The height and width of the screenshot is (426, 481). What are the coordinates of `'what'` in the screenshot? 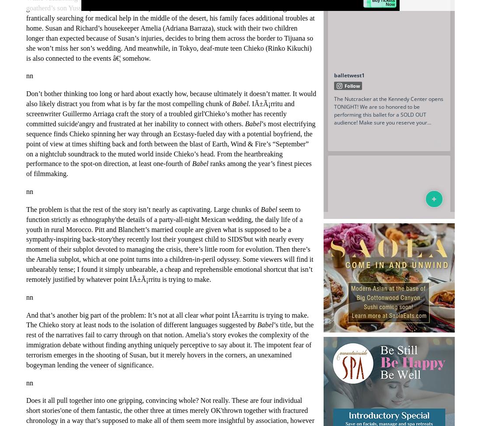 It's located at (207, 314).